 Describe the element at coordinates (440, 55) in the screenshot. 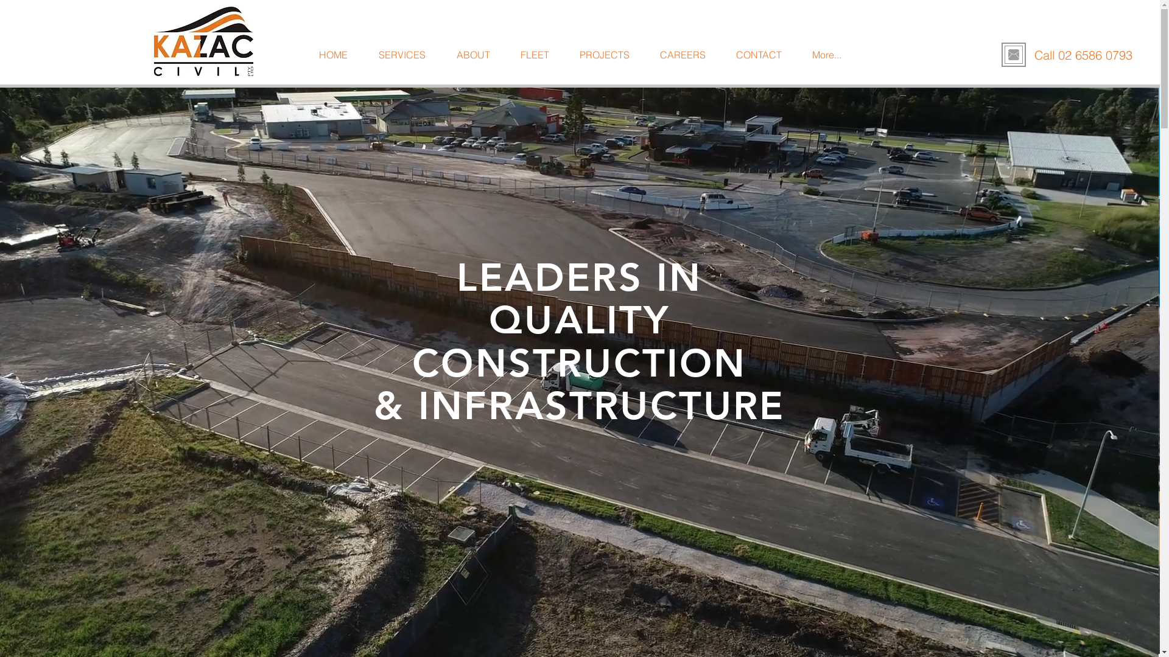

I see `'ABOUT'` at that location.